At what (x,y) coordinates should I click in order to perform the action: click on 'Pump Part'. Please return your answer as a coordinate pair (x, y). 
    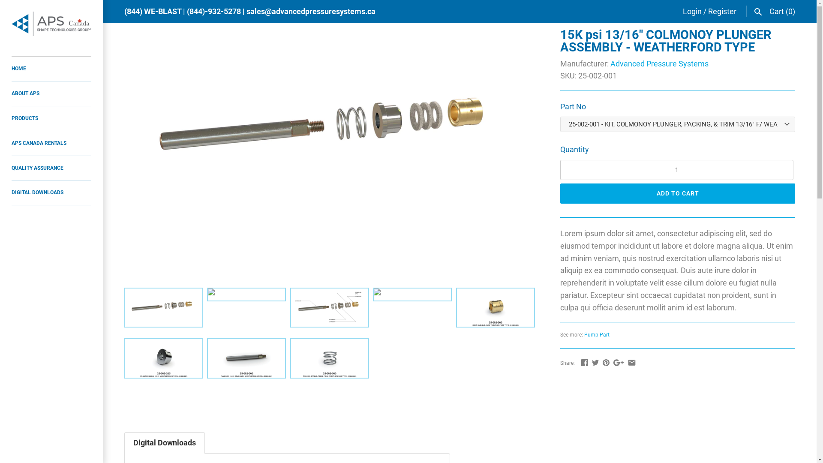
    Looking at the image, I should click on (596, 334).